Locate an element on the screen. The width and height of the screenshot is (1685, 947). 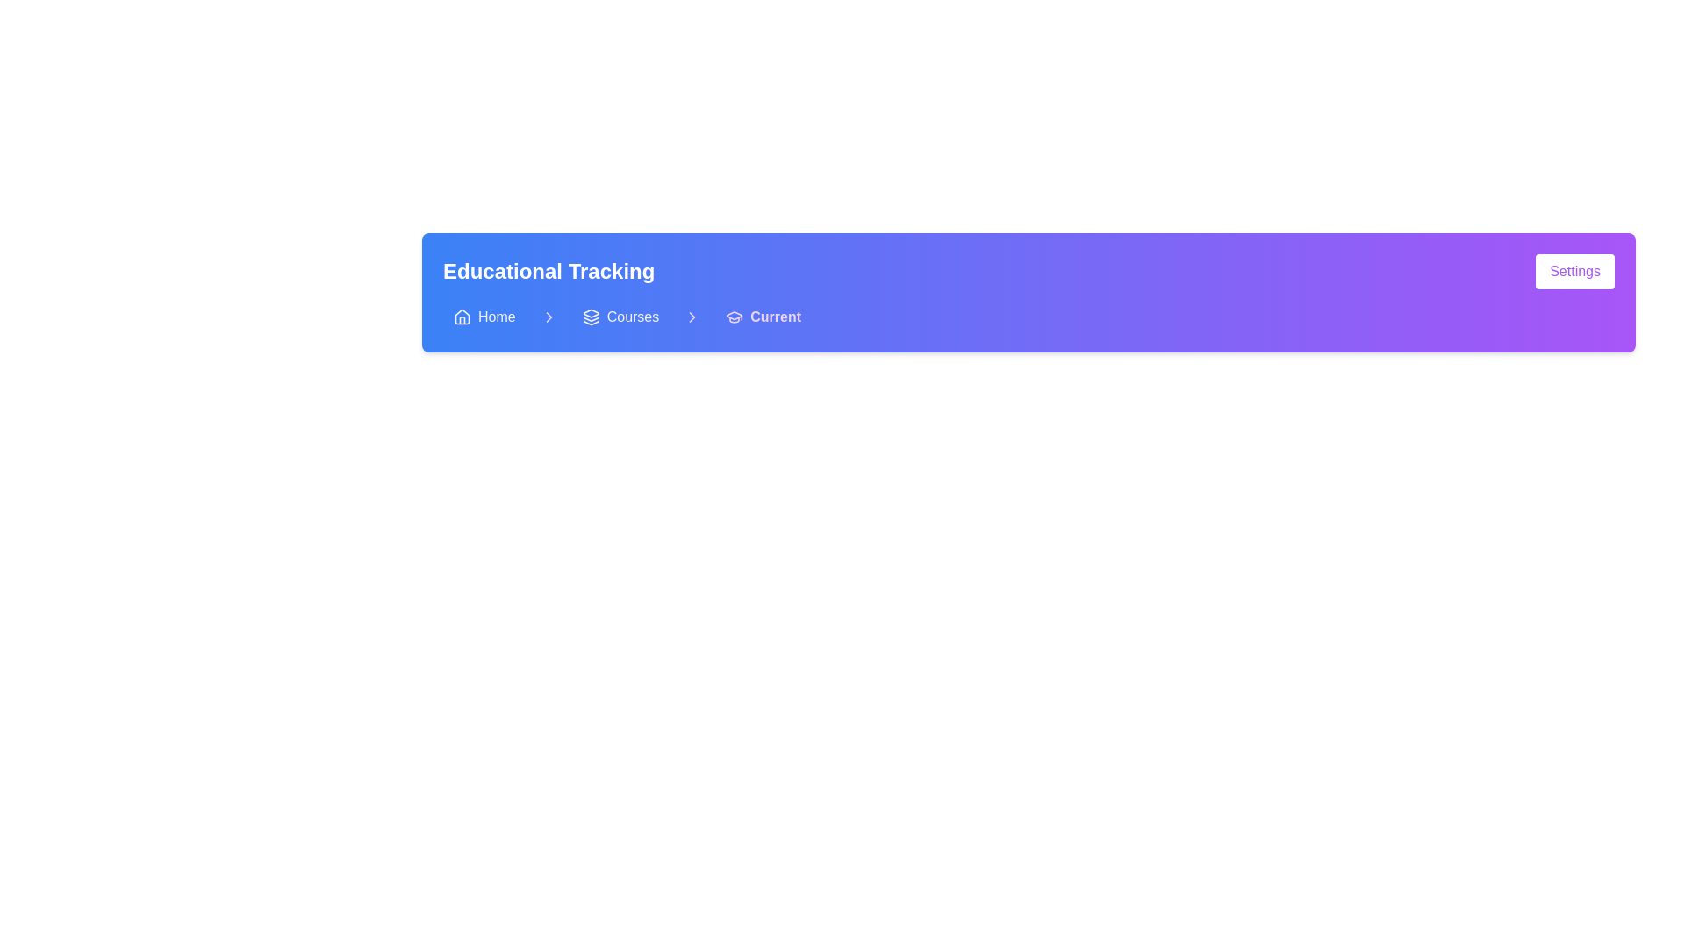
the Home icon in the navigation bar is located at coordinates (462, 317).